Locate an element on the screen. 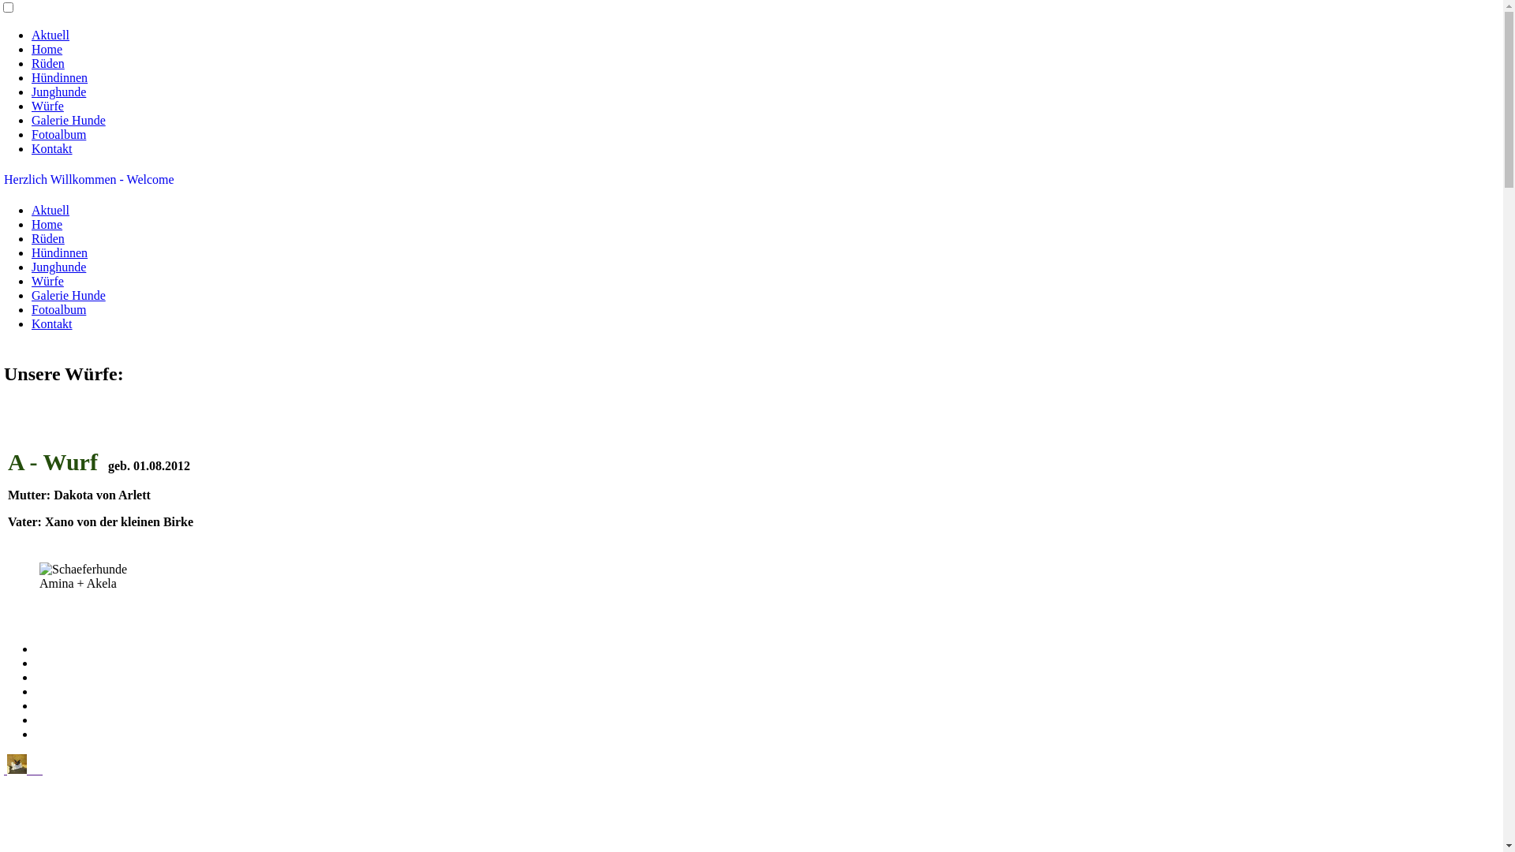 The image size is (1515, 852). 'Galerie Hunde' is located at coordinates (67, 295).